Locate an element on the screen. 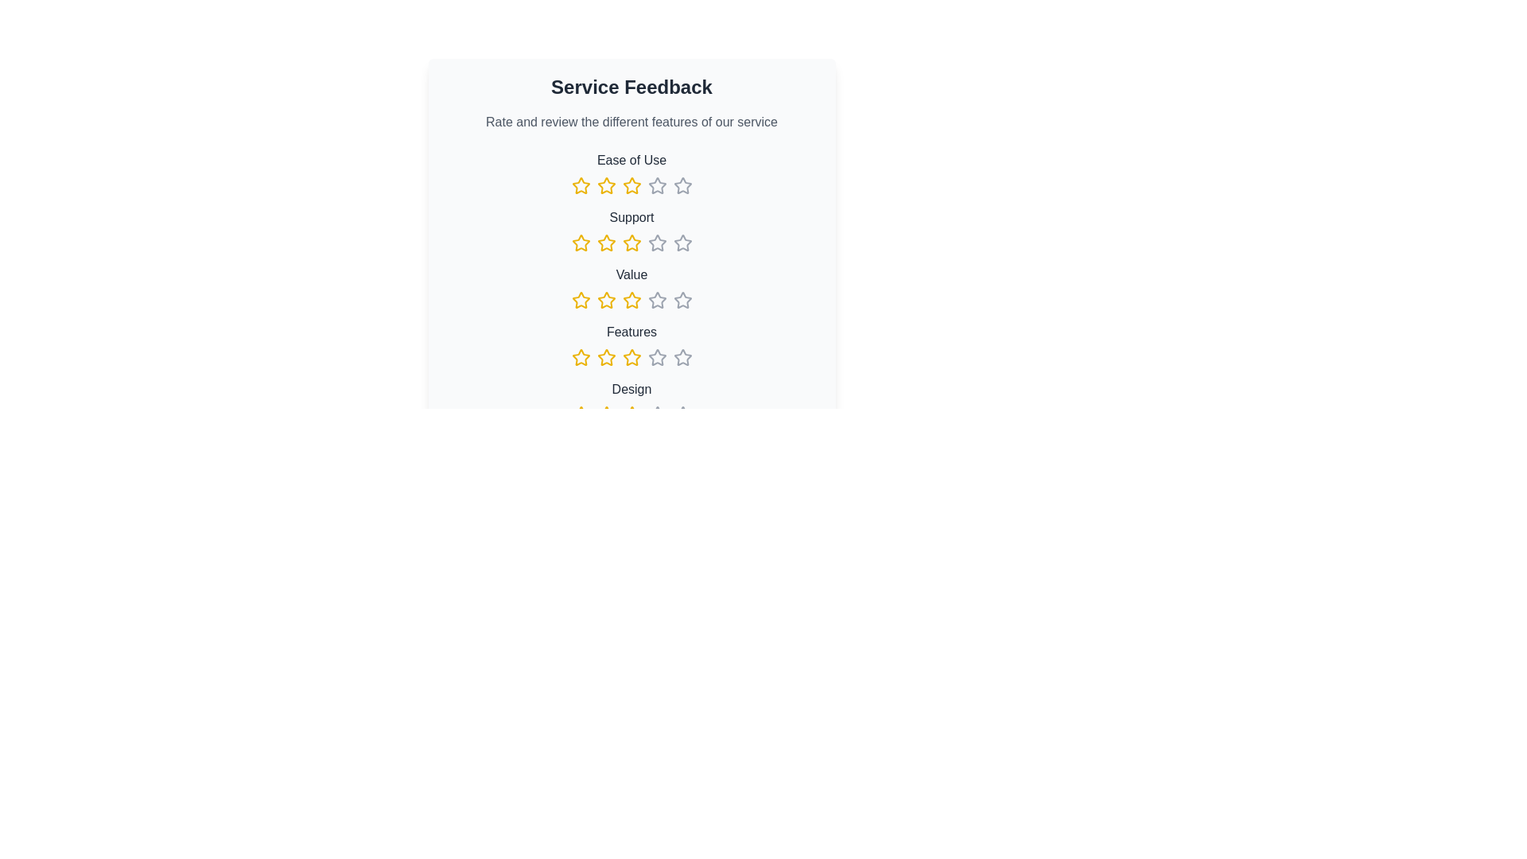 The height and width of the screenshot is (859, 1527). the fifth interactive star icon is located at coordinates (631, 414).